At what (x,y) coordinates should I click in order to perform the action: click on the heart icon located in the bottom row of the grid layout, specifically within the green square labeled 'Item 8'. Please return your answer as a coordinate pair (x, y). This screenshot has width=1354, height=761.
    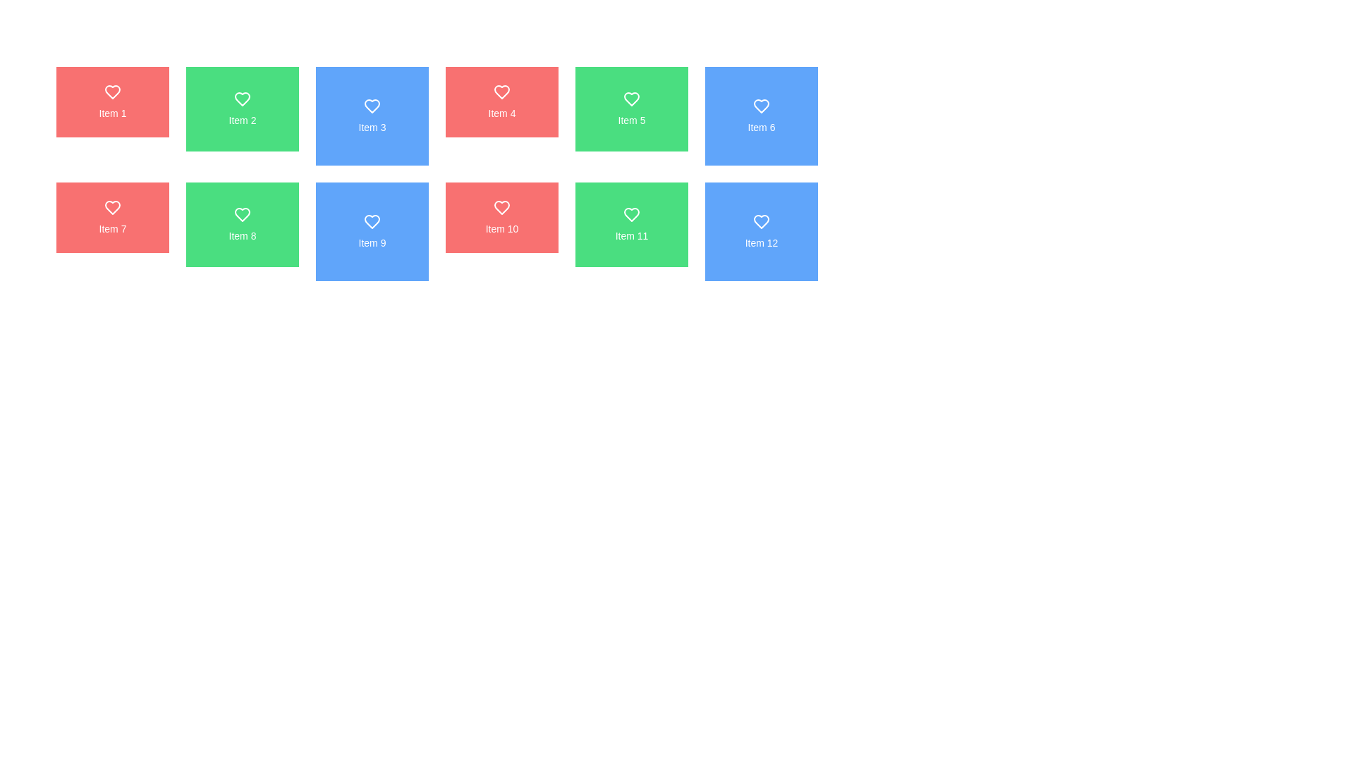
    Looking at the image, I should click on (243, 214).